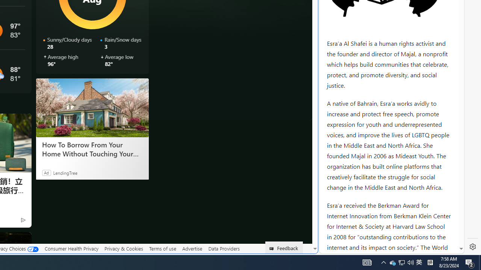 The image size is (481, 270). I want to click on 'Terms of use', so click(162, 249).